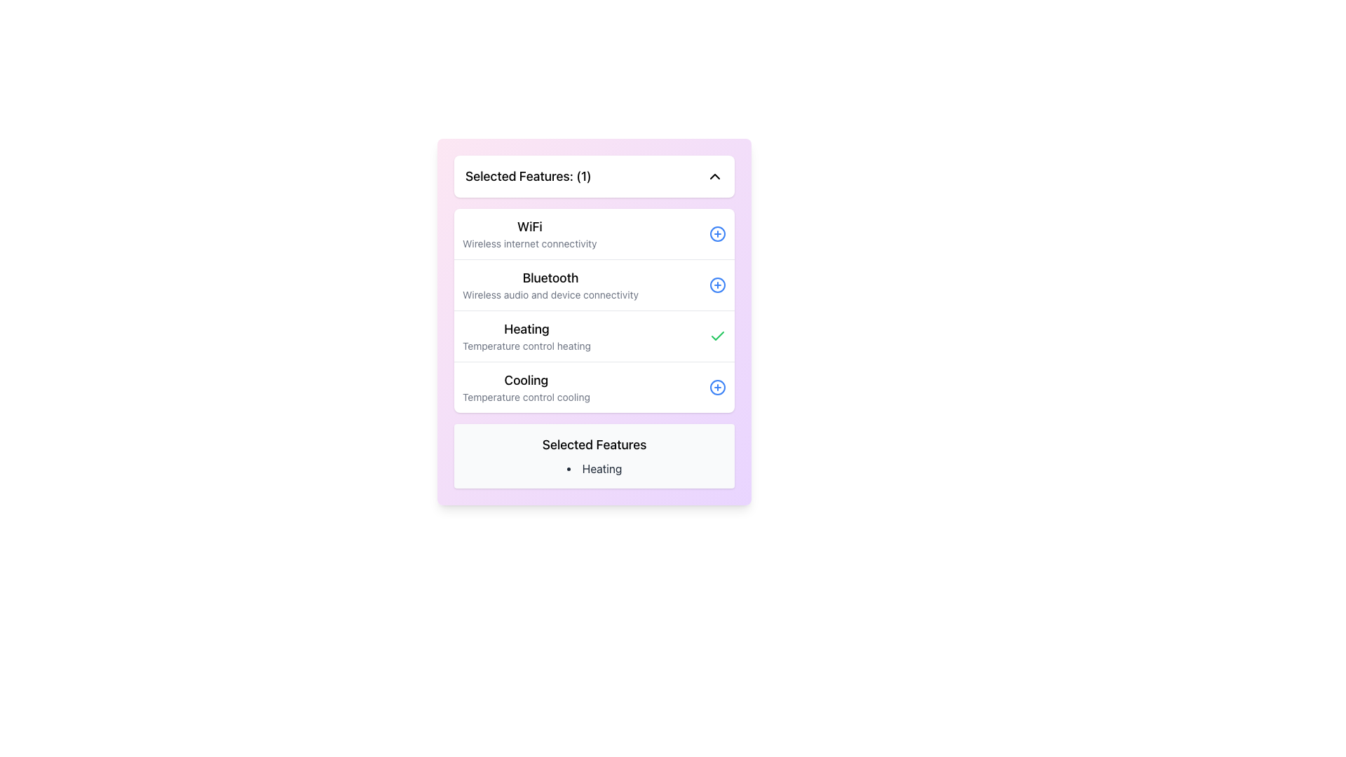 This screenshot has width=1346, height=757. I want to click on the second item in the bulleted list titled 'Selected Features' that enumerates specific selections or features within the interface, so click(594, 468).